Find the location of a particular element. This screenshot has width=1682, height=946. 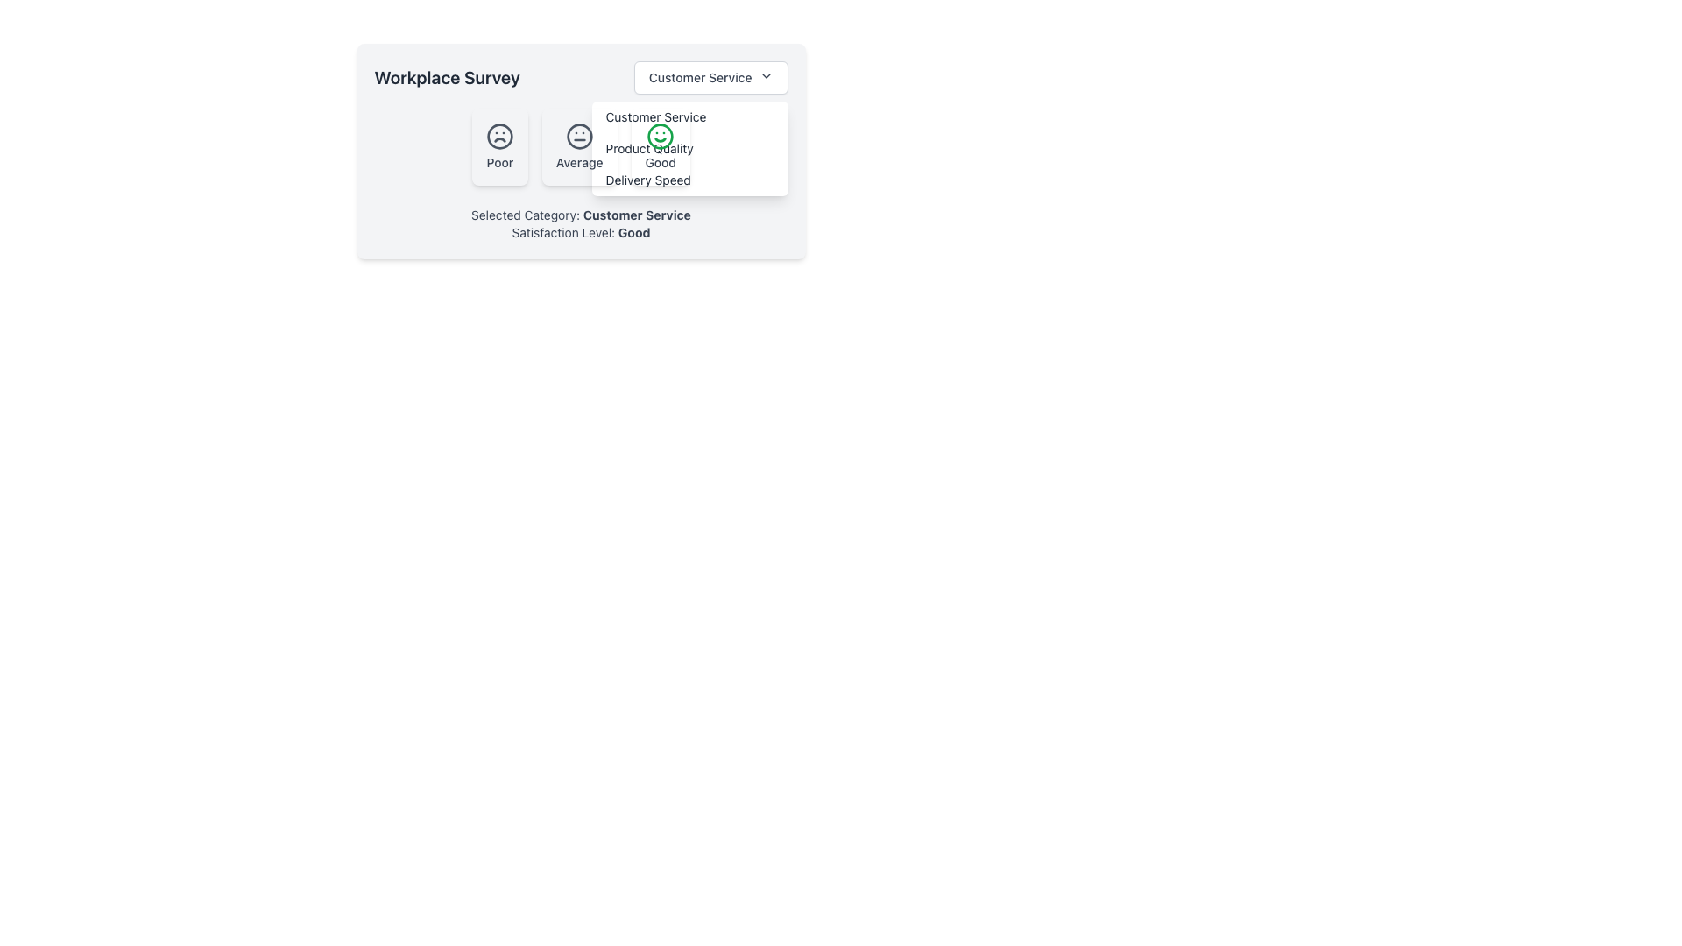

the 'Good' text label displayed within the dropdown menu is located at coordinates (660, 162).